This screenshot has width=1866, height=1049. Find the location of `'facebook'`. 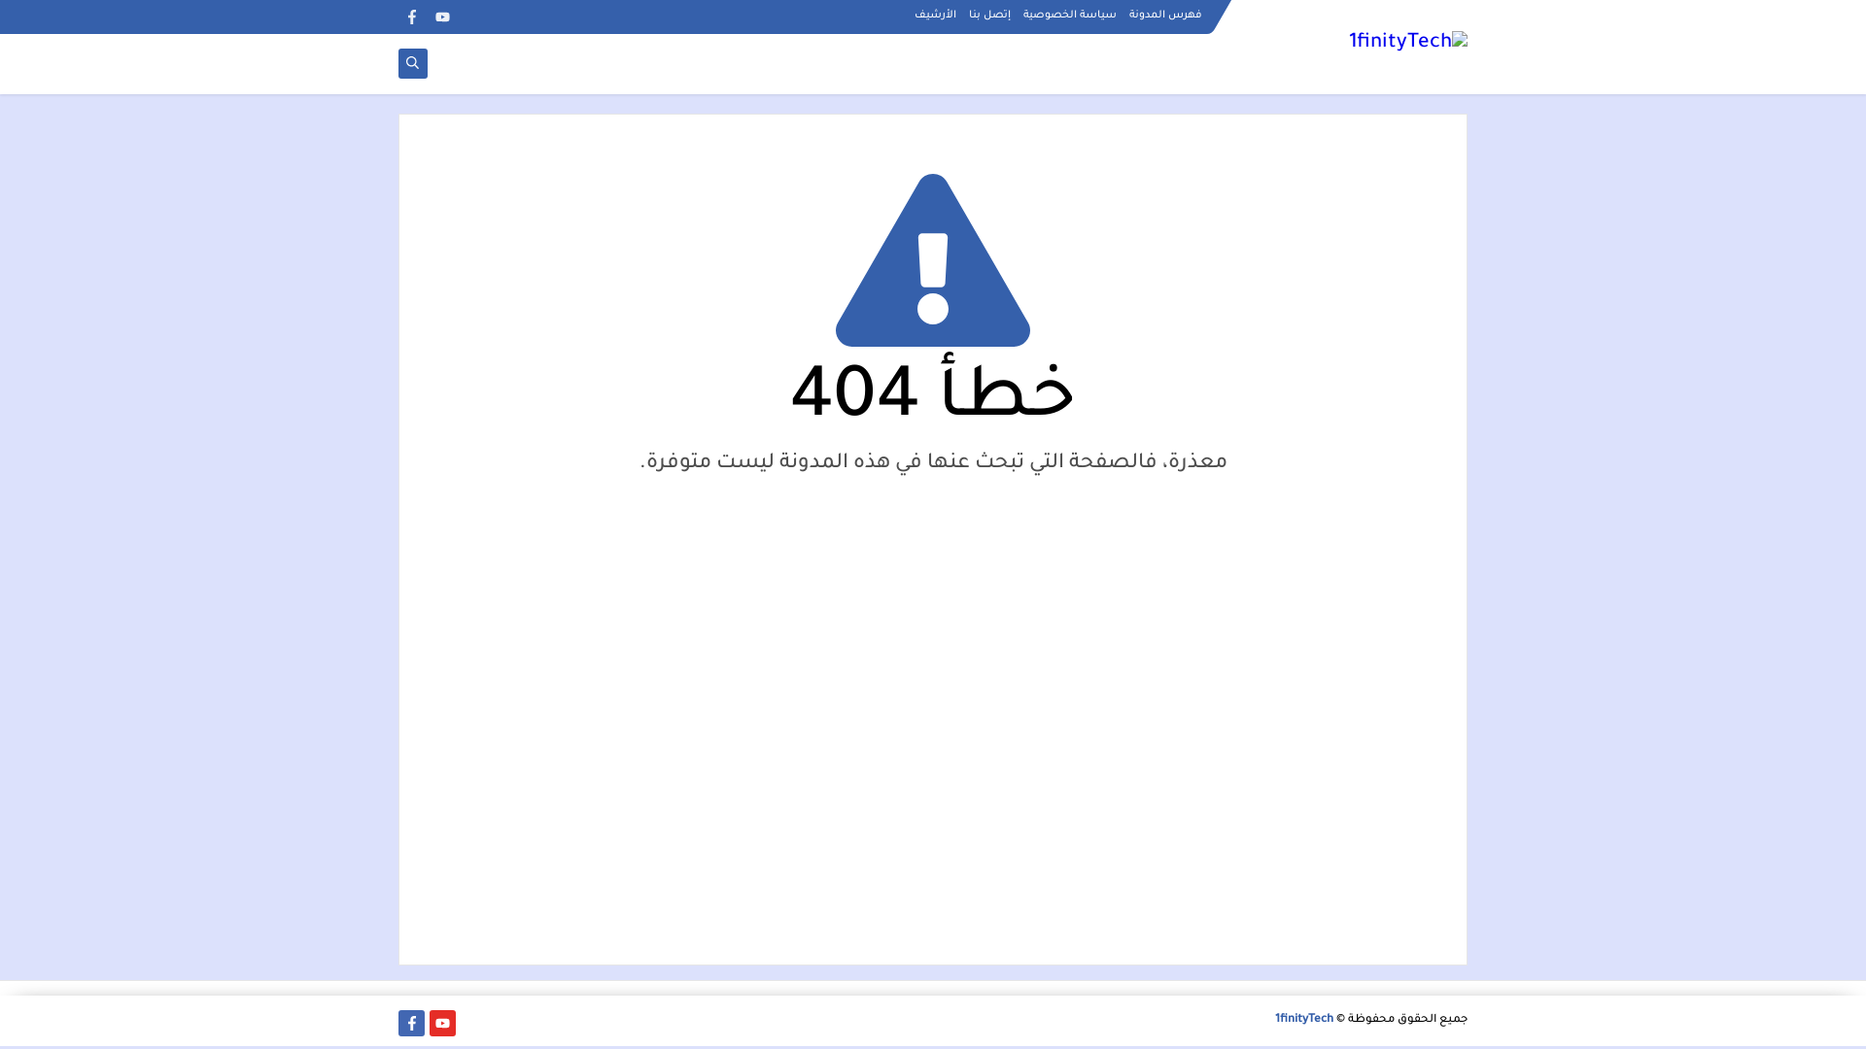

'facebook' is located at coordinates (410, 17).